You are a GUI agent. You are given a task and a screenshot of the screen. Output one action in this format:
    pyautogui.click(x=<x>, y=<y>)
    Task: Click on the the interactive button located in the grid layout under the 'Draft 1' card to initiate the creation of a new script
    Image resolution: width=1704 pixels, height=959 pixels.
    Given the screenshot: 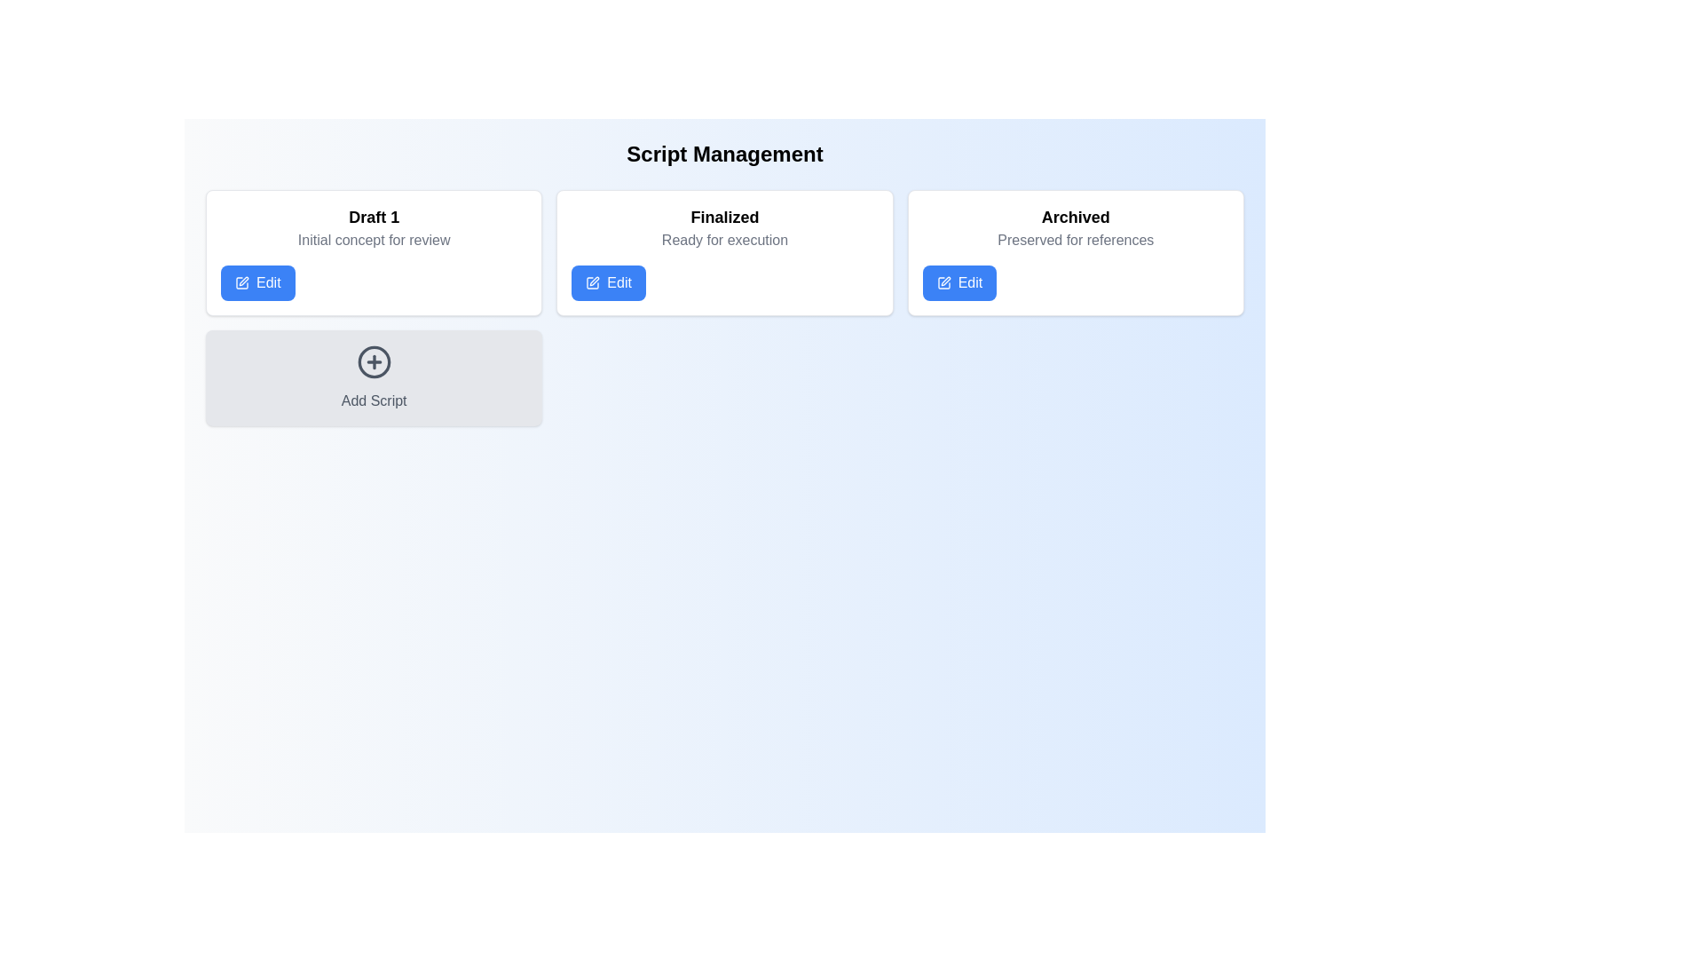 What is the action you would take?
    pyautogui.click(x=373, y=376)
    